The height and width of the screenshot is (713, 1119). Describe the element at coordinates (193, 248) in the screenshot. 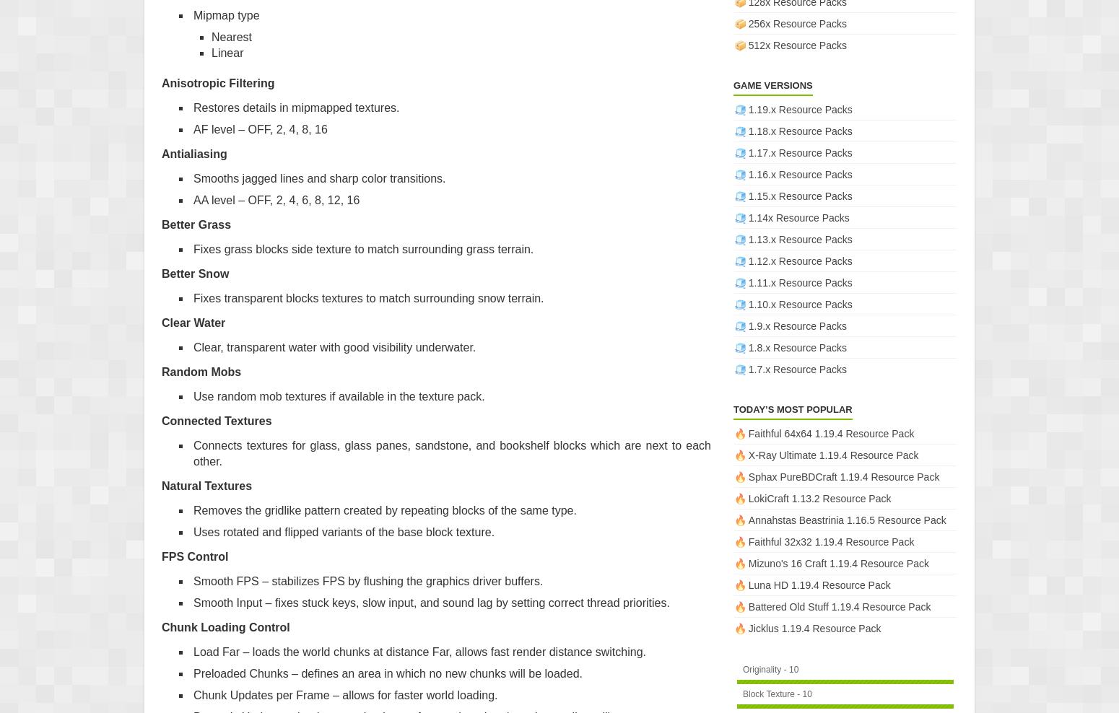

I see `'Fixes grass blocks side texture to match surrounding grass terrain.'` at that location.